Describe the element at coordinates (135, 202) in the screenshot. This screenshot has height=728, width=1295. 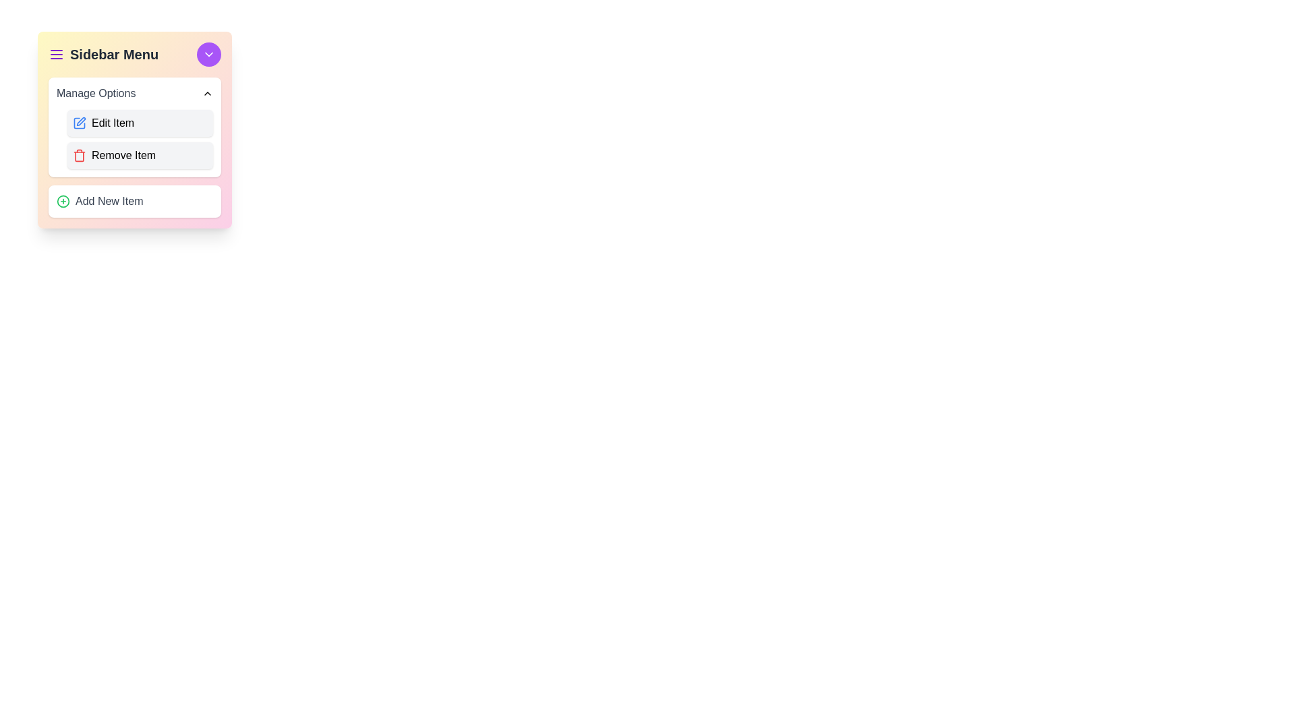
I see `the rectangular button with a white background, rounded corners, and a green plus icon on the left, labeled 'Add New Item'` at that location.